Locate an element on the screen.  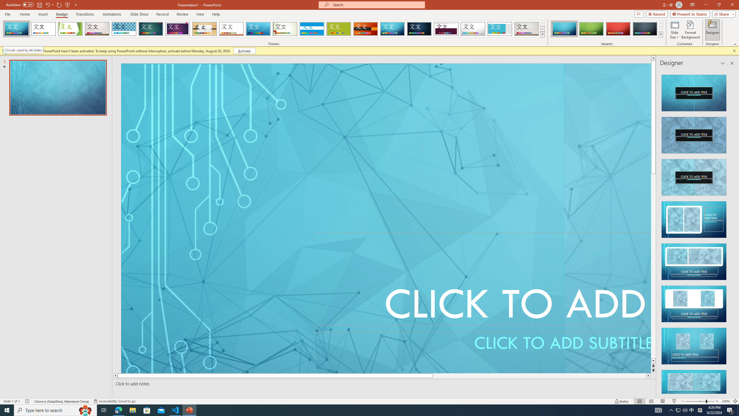
'FadeVTI' is located at coordinates (16, 29).